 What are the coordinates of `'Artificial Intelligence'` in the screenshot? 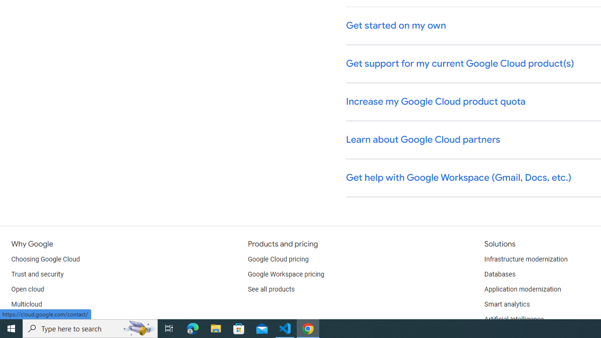 It's located at (513, 319).